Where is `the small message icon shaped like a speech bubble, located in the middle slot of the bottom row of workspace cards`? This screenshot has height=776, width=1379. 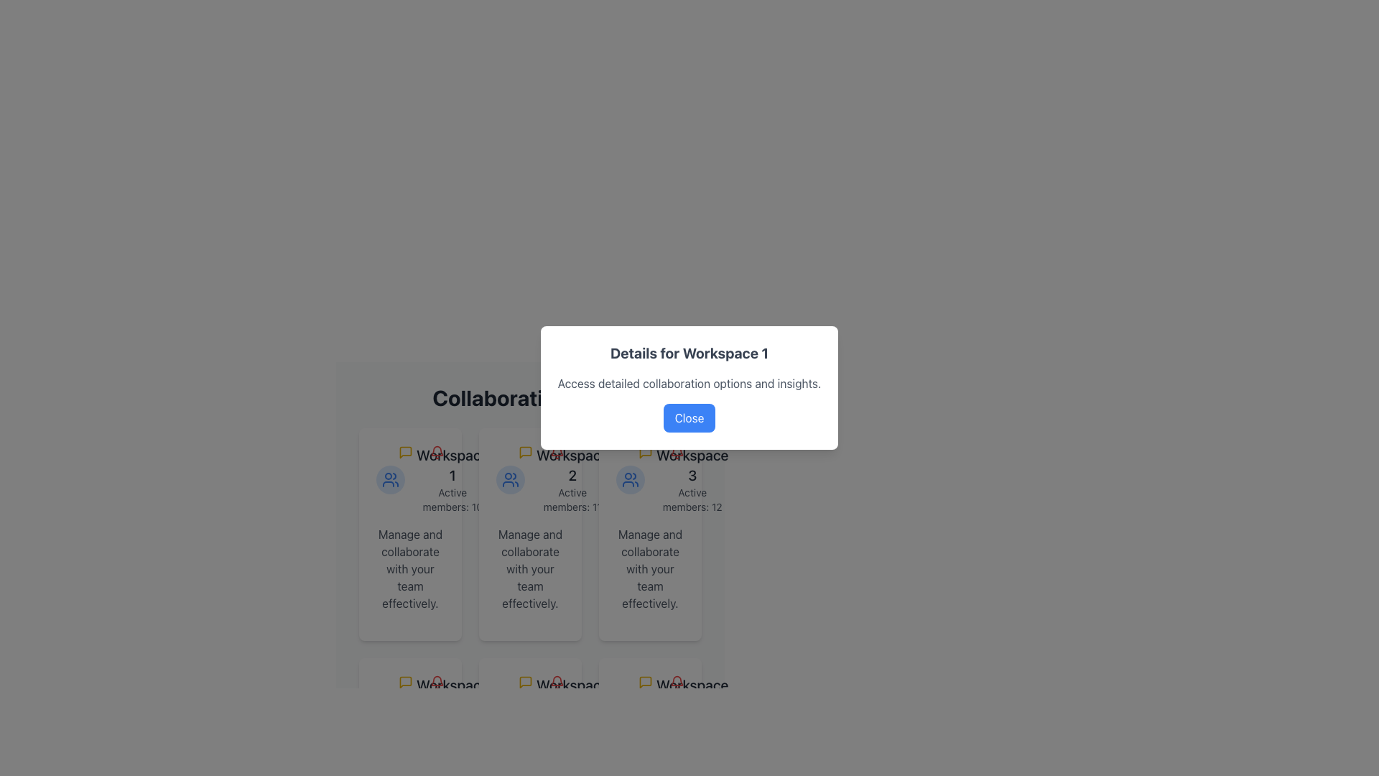 the small message icon shaped like a speech bubble, located in the middle slot of the bottom row of workspace cards is located at coordinates (524, 681).